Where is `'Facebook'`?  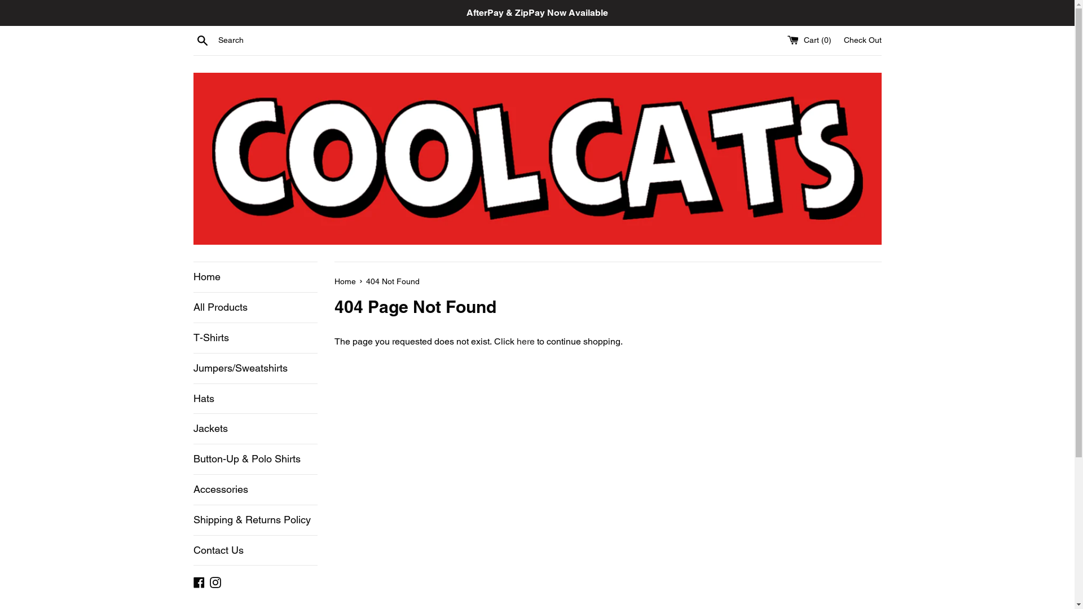 'Facebook' is located at coordinates (198, 581).